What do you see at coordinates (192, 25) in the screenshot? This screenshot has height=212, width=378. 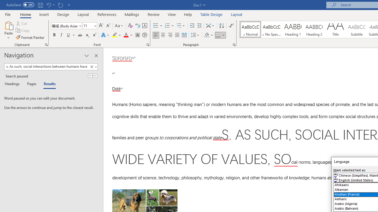 I see `'Decrease Indent'` at bounding box center [192, 25].